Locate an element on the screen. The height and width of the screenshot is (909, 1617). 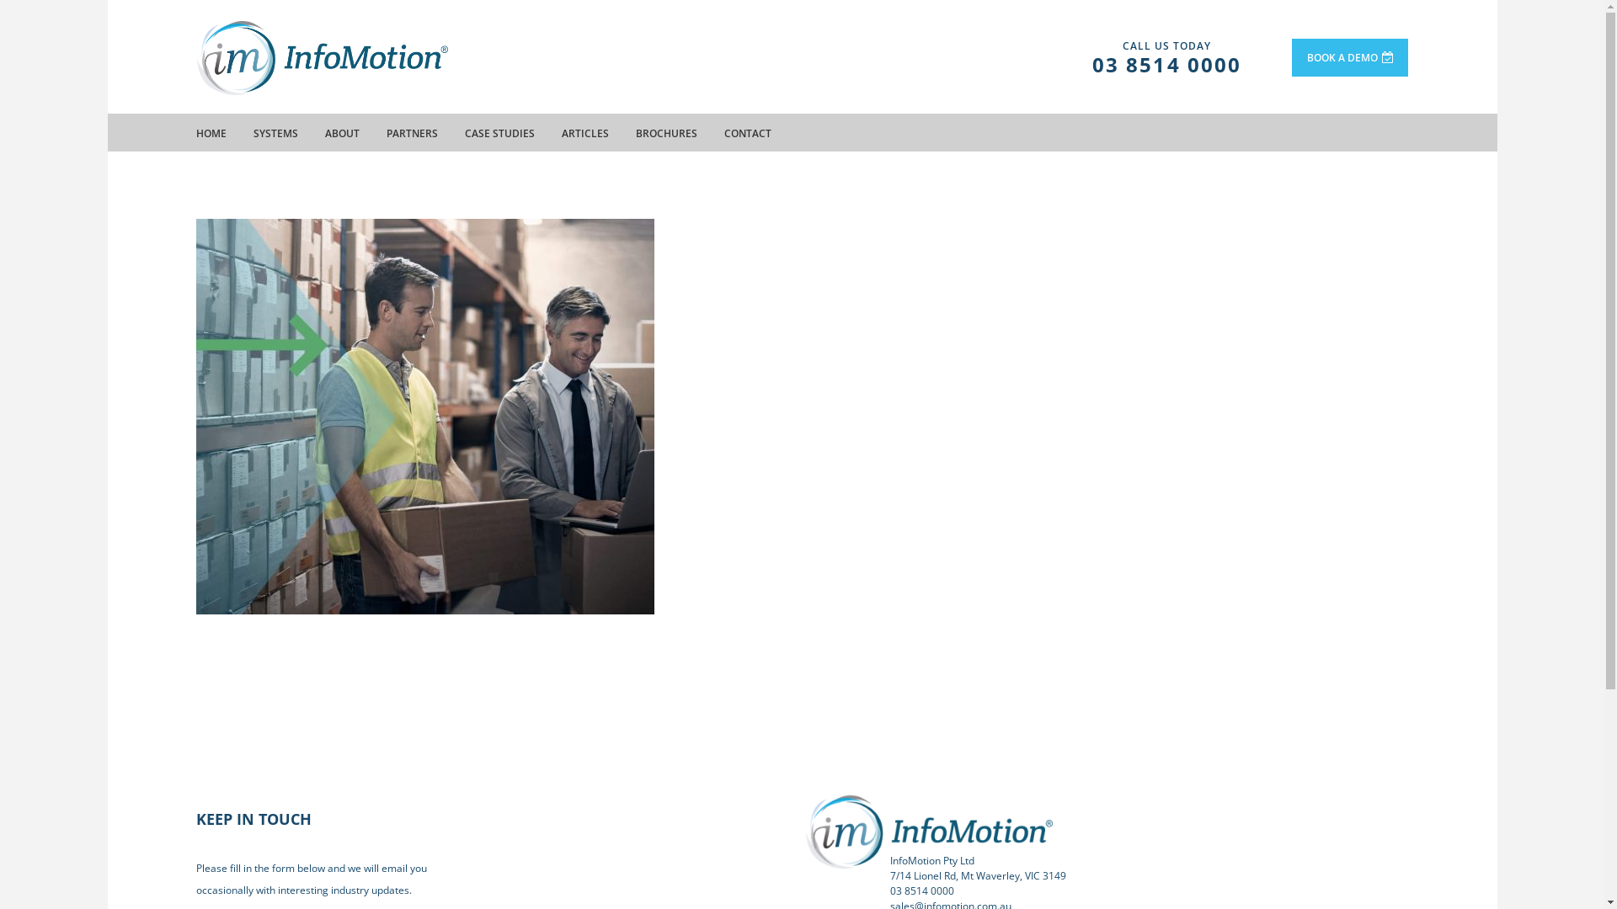
'PARTNERS' is located at coordinates (411, 132).